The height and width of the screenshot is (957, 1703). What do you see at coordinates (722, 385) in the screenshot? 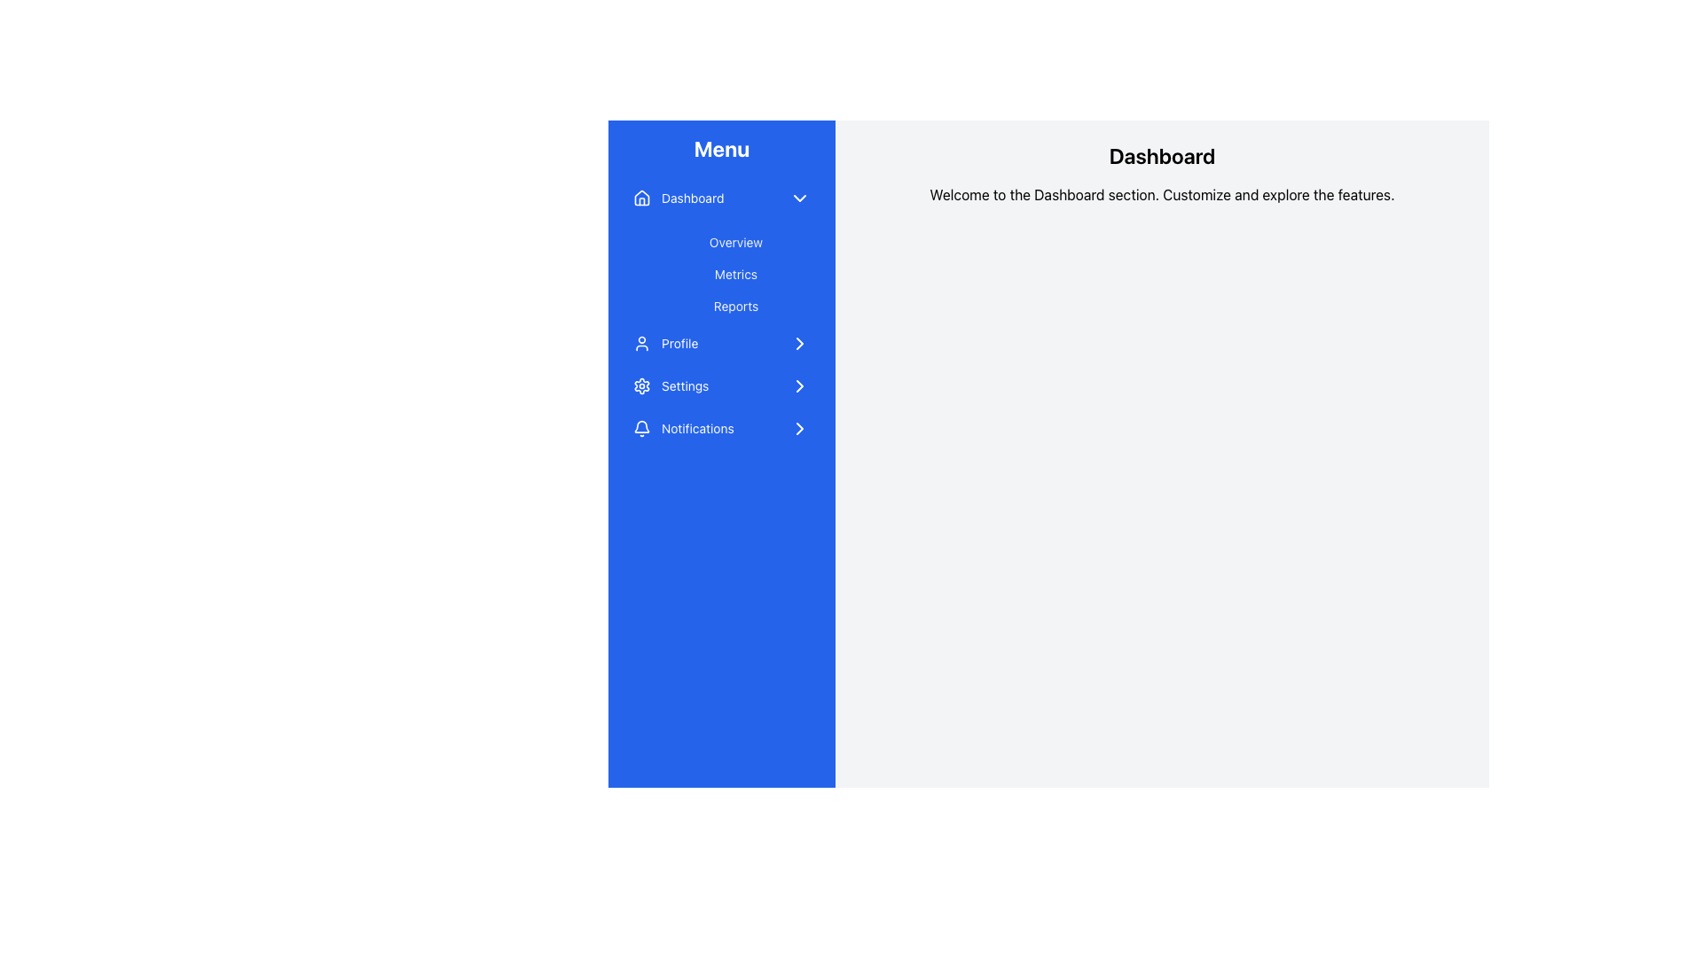
I see `the 'Settings' menu item in the vertical navigation menu` at bounding box center [722, 385].